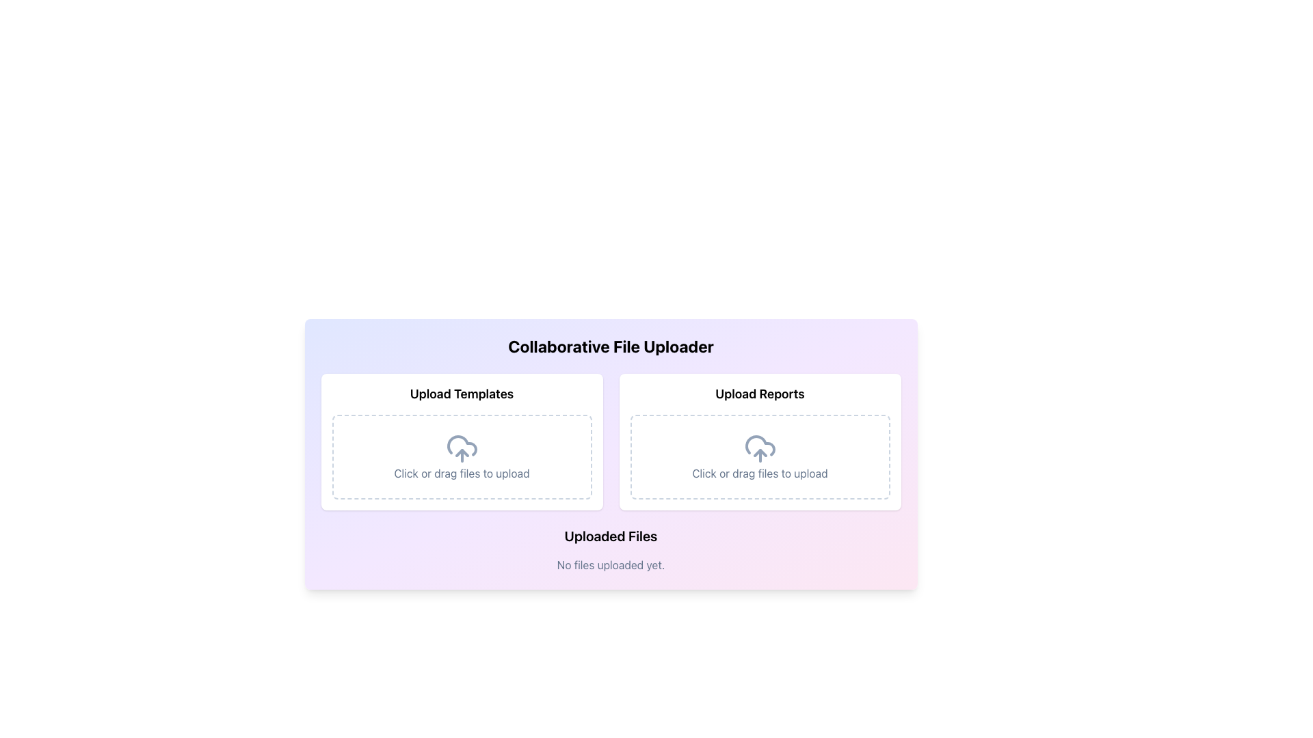  I want to click on the cloud icon representing the action of sending files in the 'Upload Templates' section, so click(462, 453).